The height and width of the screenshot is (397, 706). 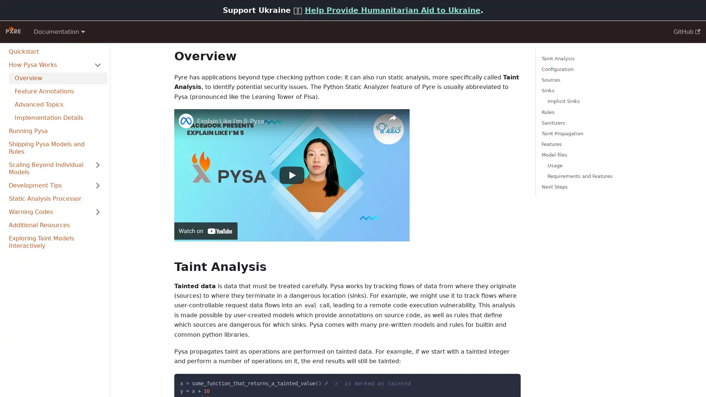 I want to click on Copy code to clipboard, so click(x=508, y=381).